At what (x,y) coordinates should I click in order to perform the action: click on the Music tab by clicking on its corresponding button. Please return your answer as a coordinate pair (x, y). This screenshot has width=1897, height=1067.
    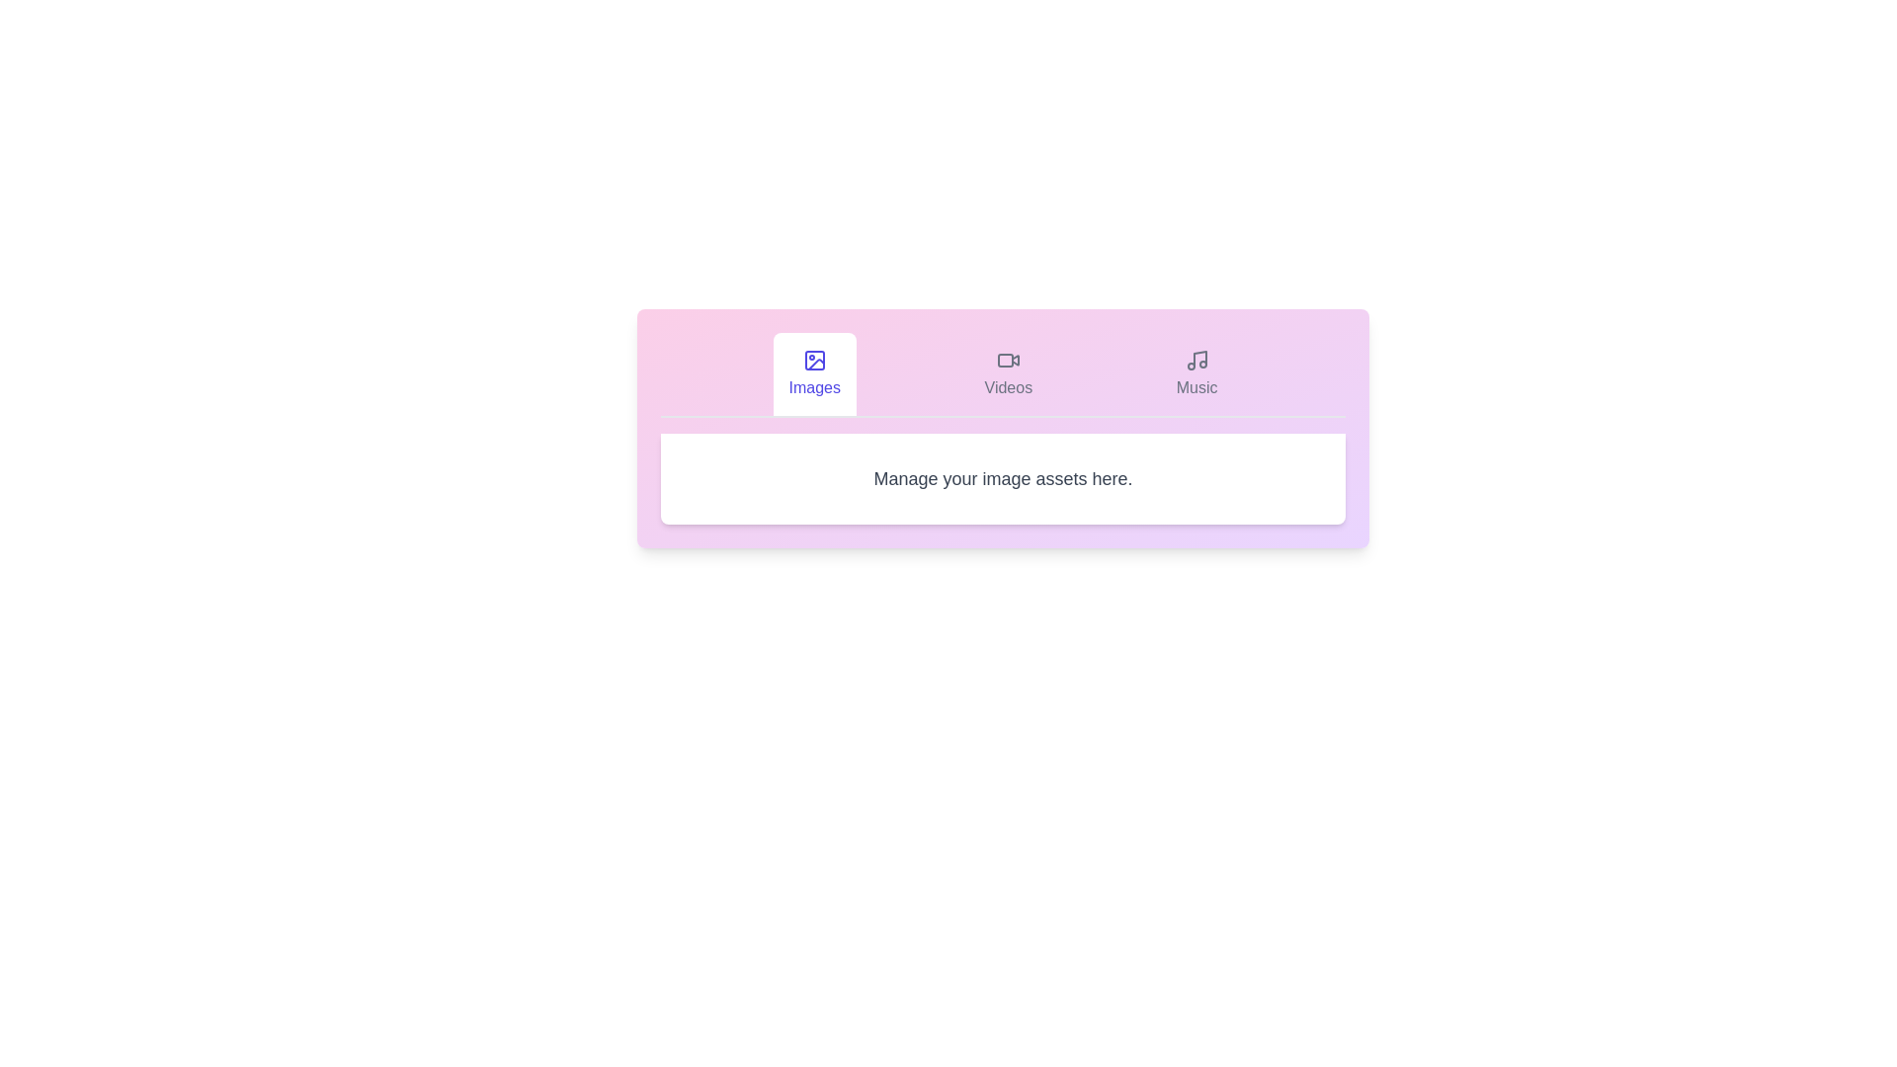
    Looking at the image, I should click on (1196, 373).